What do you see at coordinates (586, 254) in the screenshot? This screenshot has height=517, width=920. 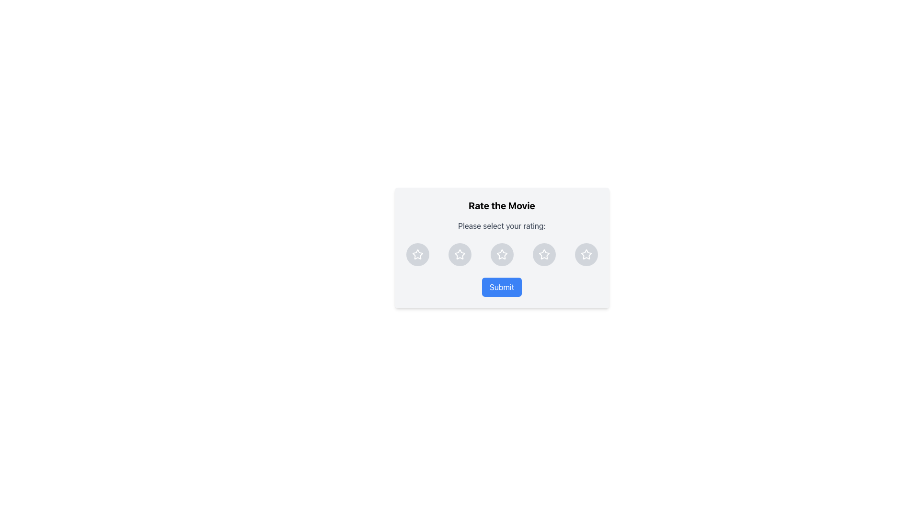 I see `the fifth star icon in the 5-star rating system to provide a rating of 5` at bounding box center [586, 254].